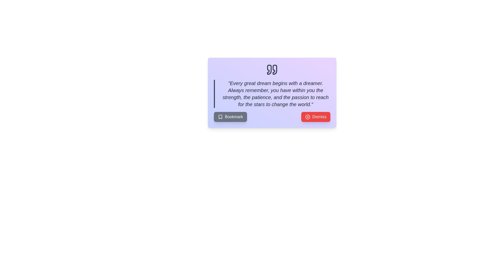 The width and height of the screenshot is (482, 271). I want to click on the rectangular red button labeled 'Dismiss' with a circled cross icon, so click(315, 117).